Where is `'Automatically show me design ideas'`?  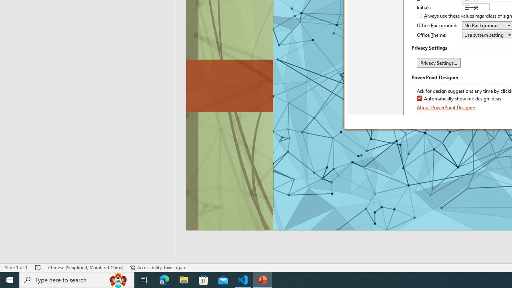
'Automatically show me design ideas' is located at coordinates (460, 98).